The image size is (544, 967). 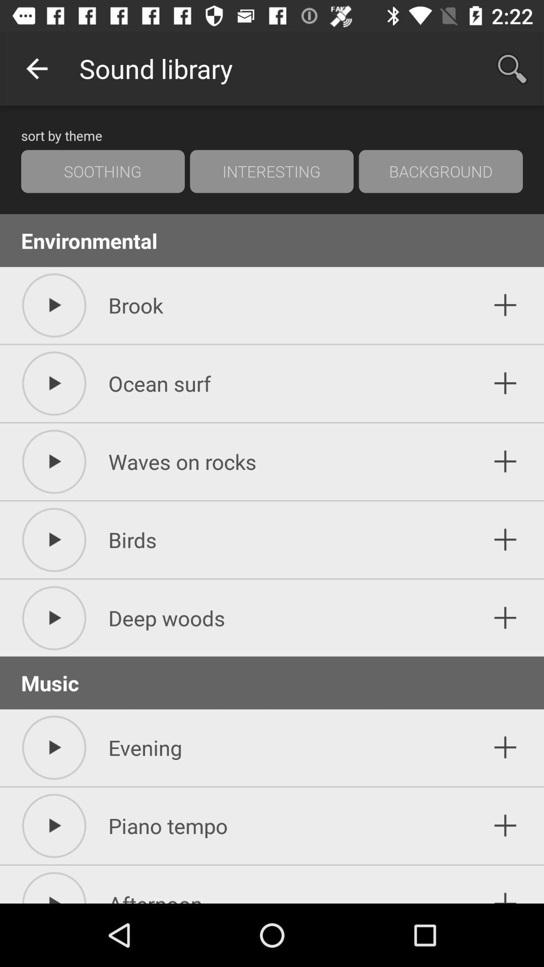 What do you see at coordinates (505, 539) in the screenshot?
I see `to birds music` at bounding box center [505, 539].